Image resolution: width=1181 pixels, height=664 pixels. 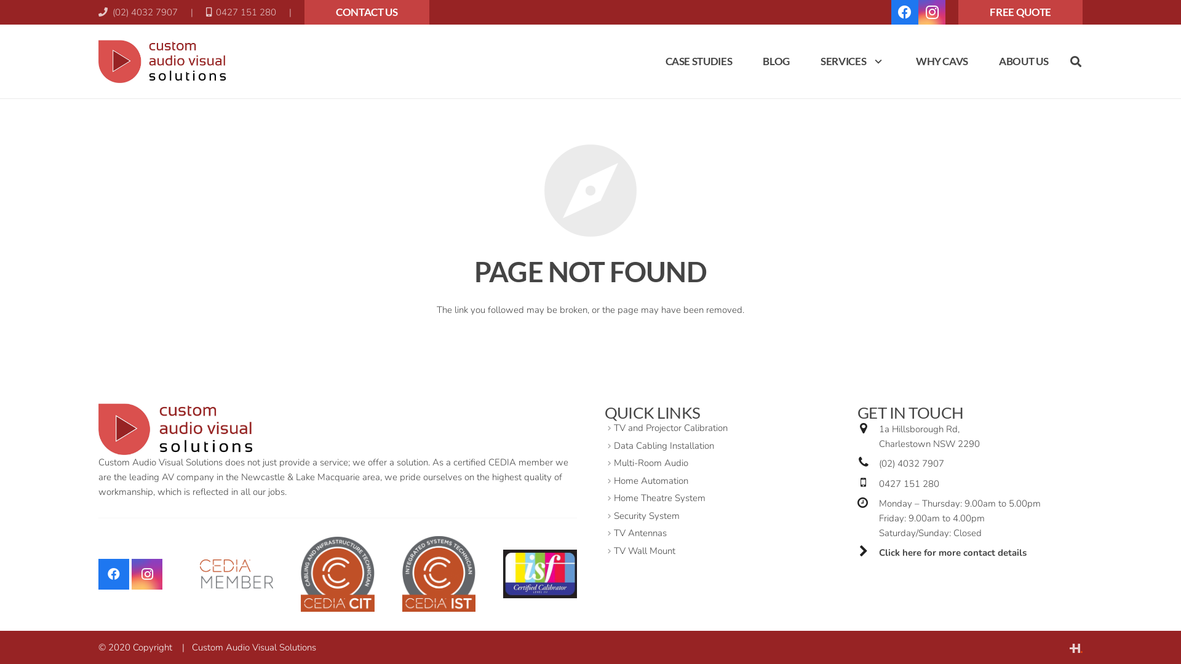 I want to click on 'Facebook', so click(x=114, y=574).